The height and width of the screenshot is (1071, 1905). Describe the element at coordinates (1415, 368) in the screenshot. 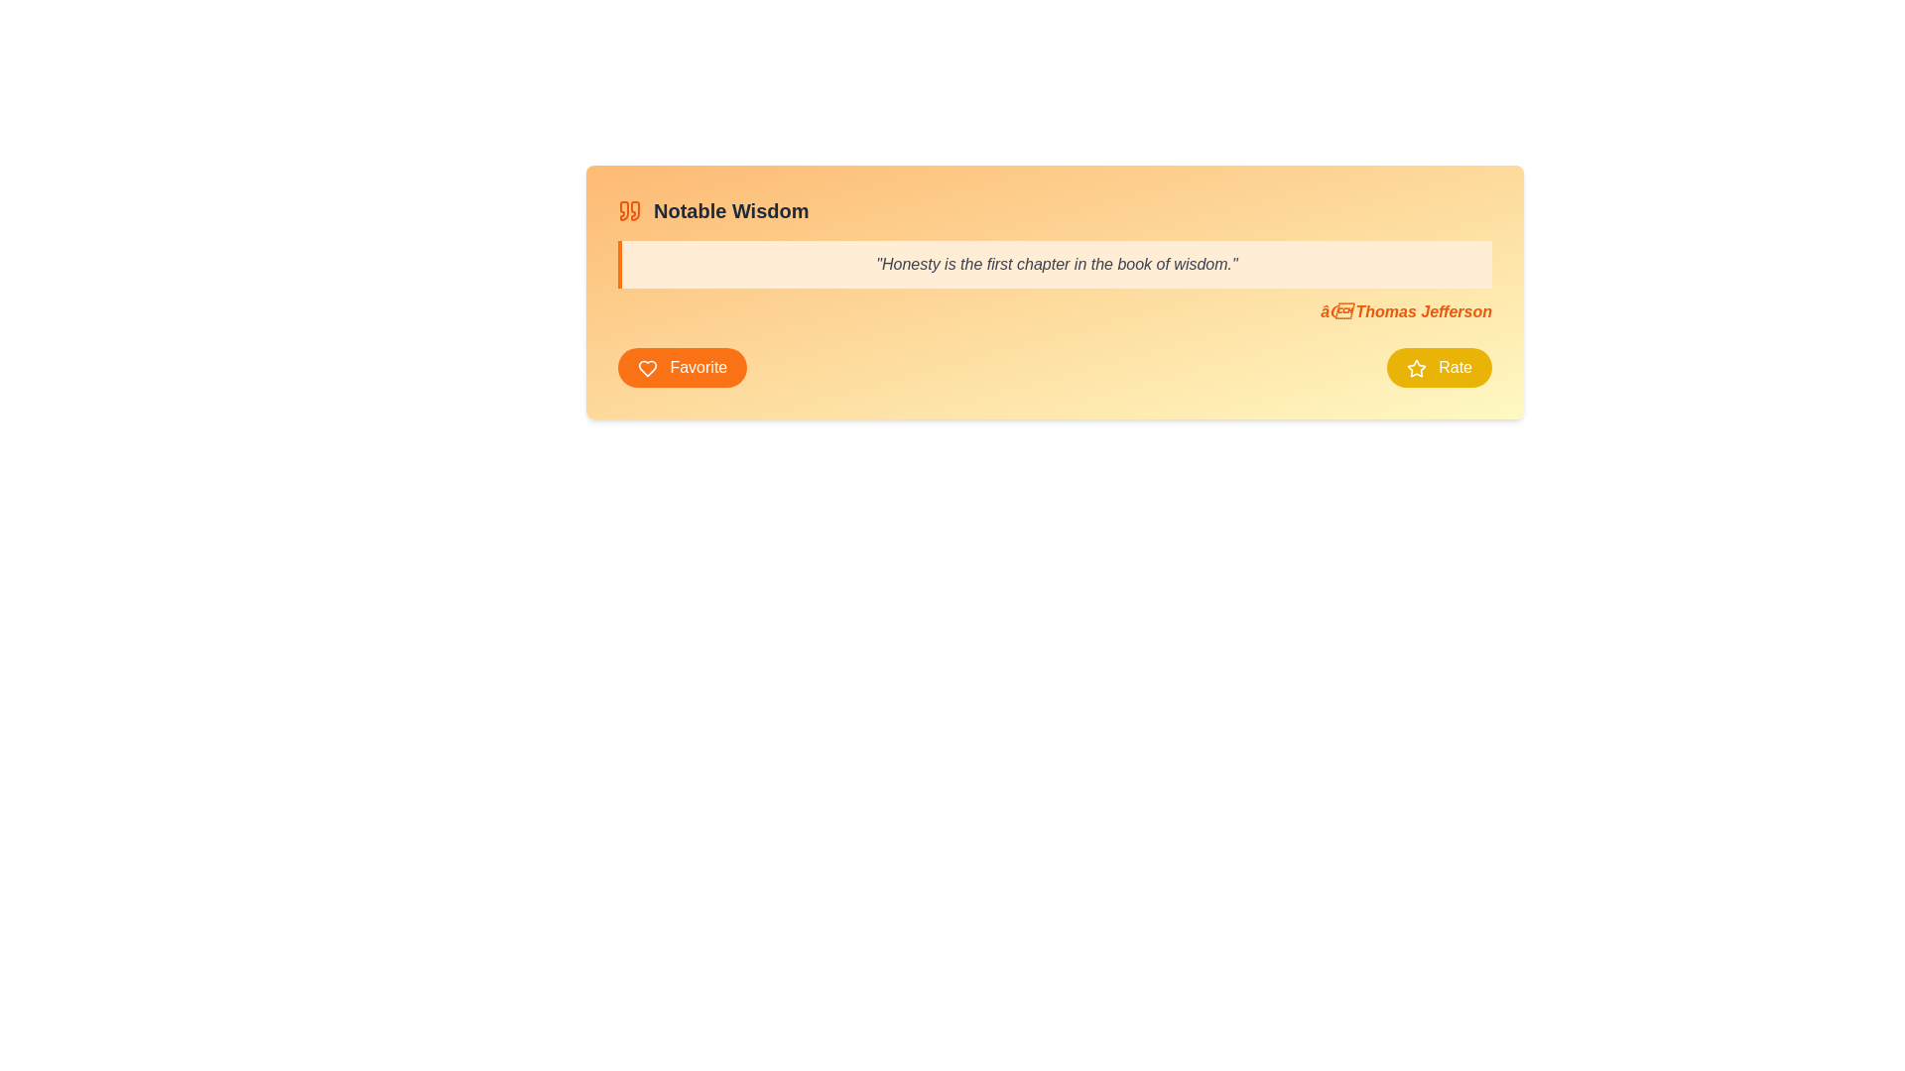

I see `the yellow star icon located inside the yellow 'Rate' button at the bottom right of the card` at that location.